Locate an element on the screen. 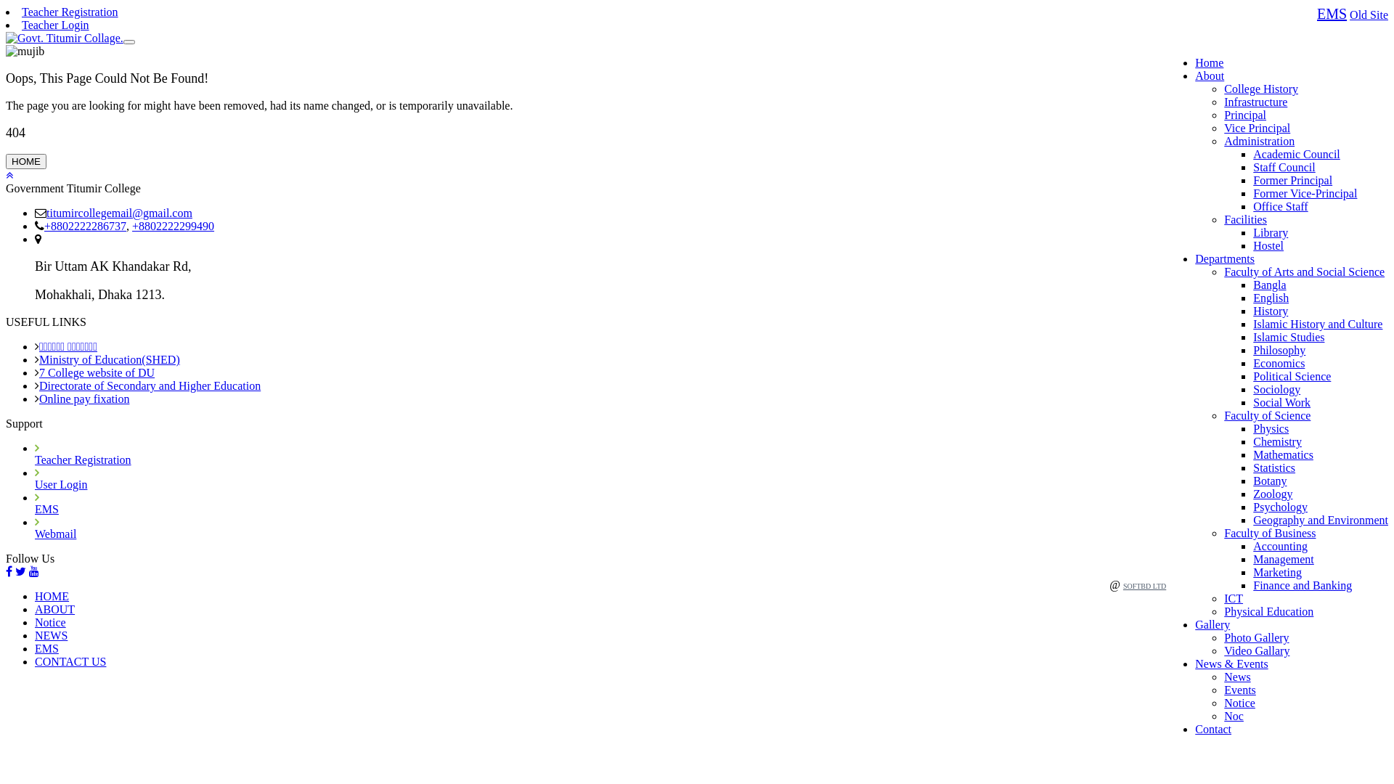 Image resolution: width=1394 pixels, height=784 pixels. 'Noc' is located at coordinates (1233, 715).